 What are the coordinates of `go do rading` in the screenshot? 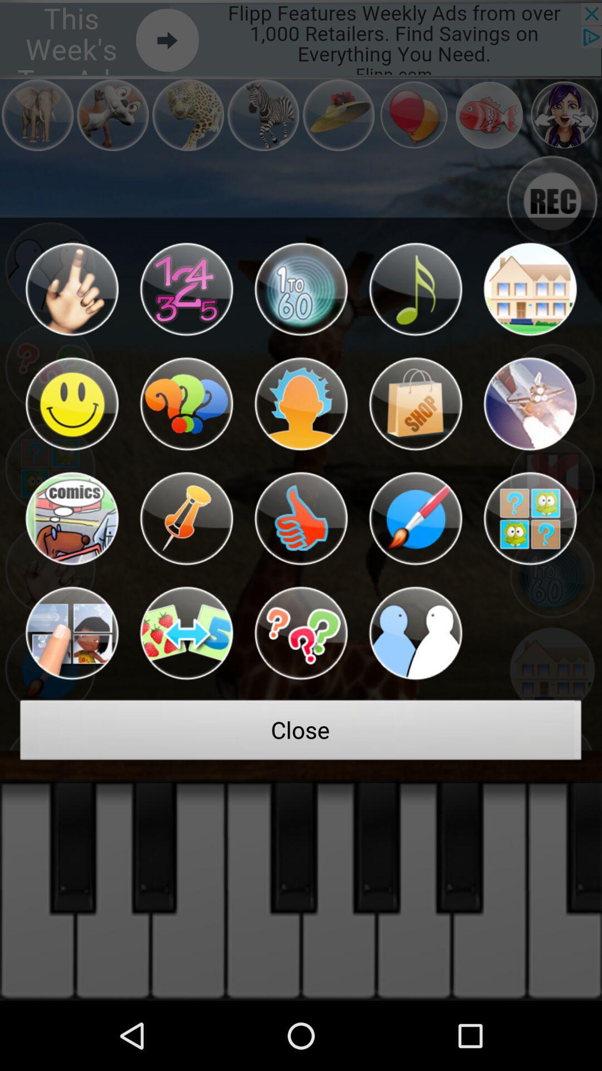 It's located at (530, 289).